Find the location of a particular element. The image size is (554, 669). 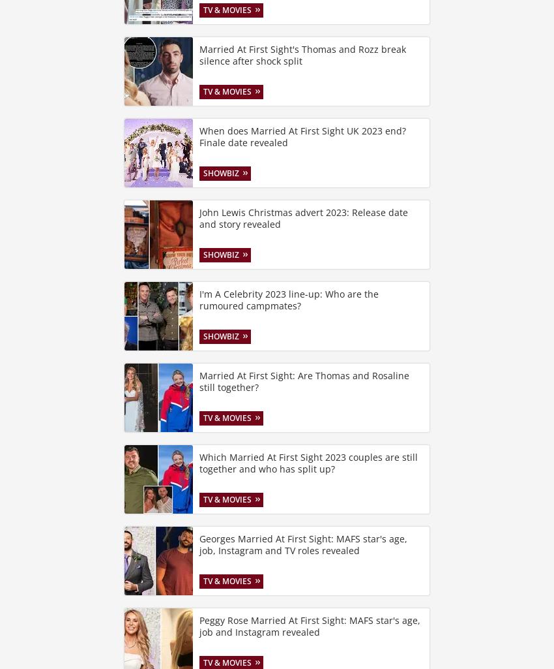

'I'm A Celebrity 2023 line-up: Who are the rumoured campmates?' is located at coordinates (288, 299).